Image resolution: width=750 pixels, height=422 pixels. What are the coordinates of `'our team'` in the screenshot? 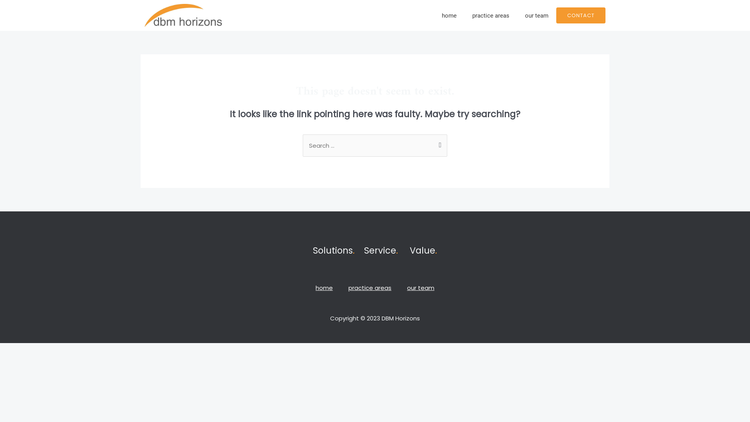 It's located at (420, 288).